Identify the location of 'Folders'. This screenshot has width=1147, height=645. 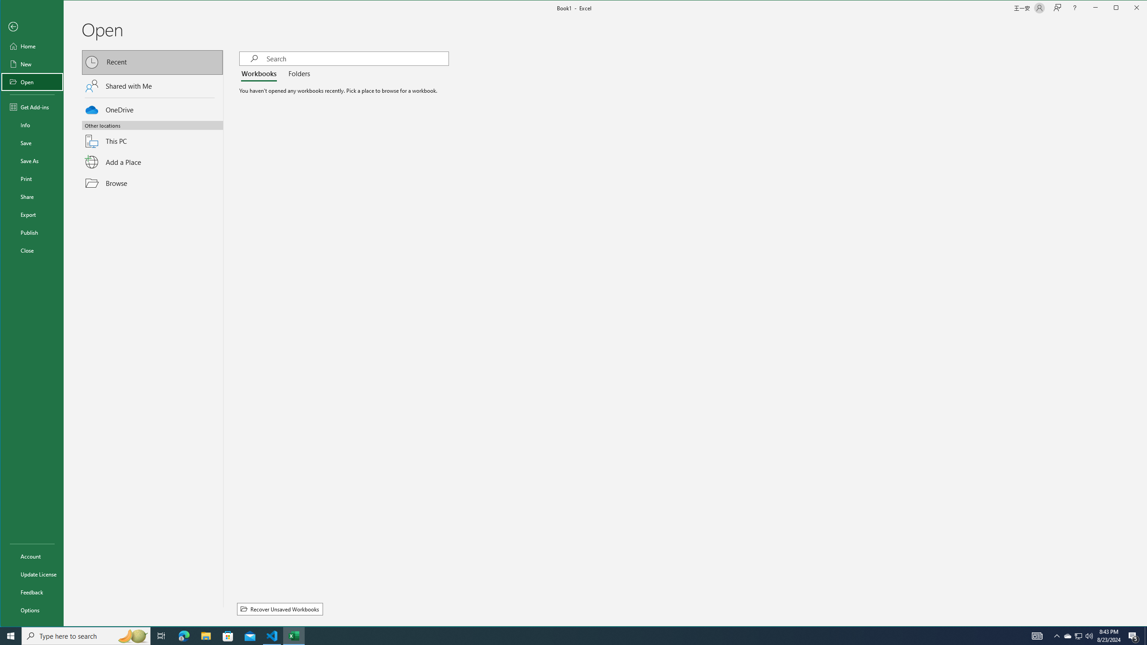
(298, 73).